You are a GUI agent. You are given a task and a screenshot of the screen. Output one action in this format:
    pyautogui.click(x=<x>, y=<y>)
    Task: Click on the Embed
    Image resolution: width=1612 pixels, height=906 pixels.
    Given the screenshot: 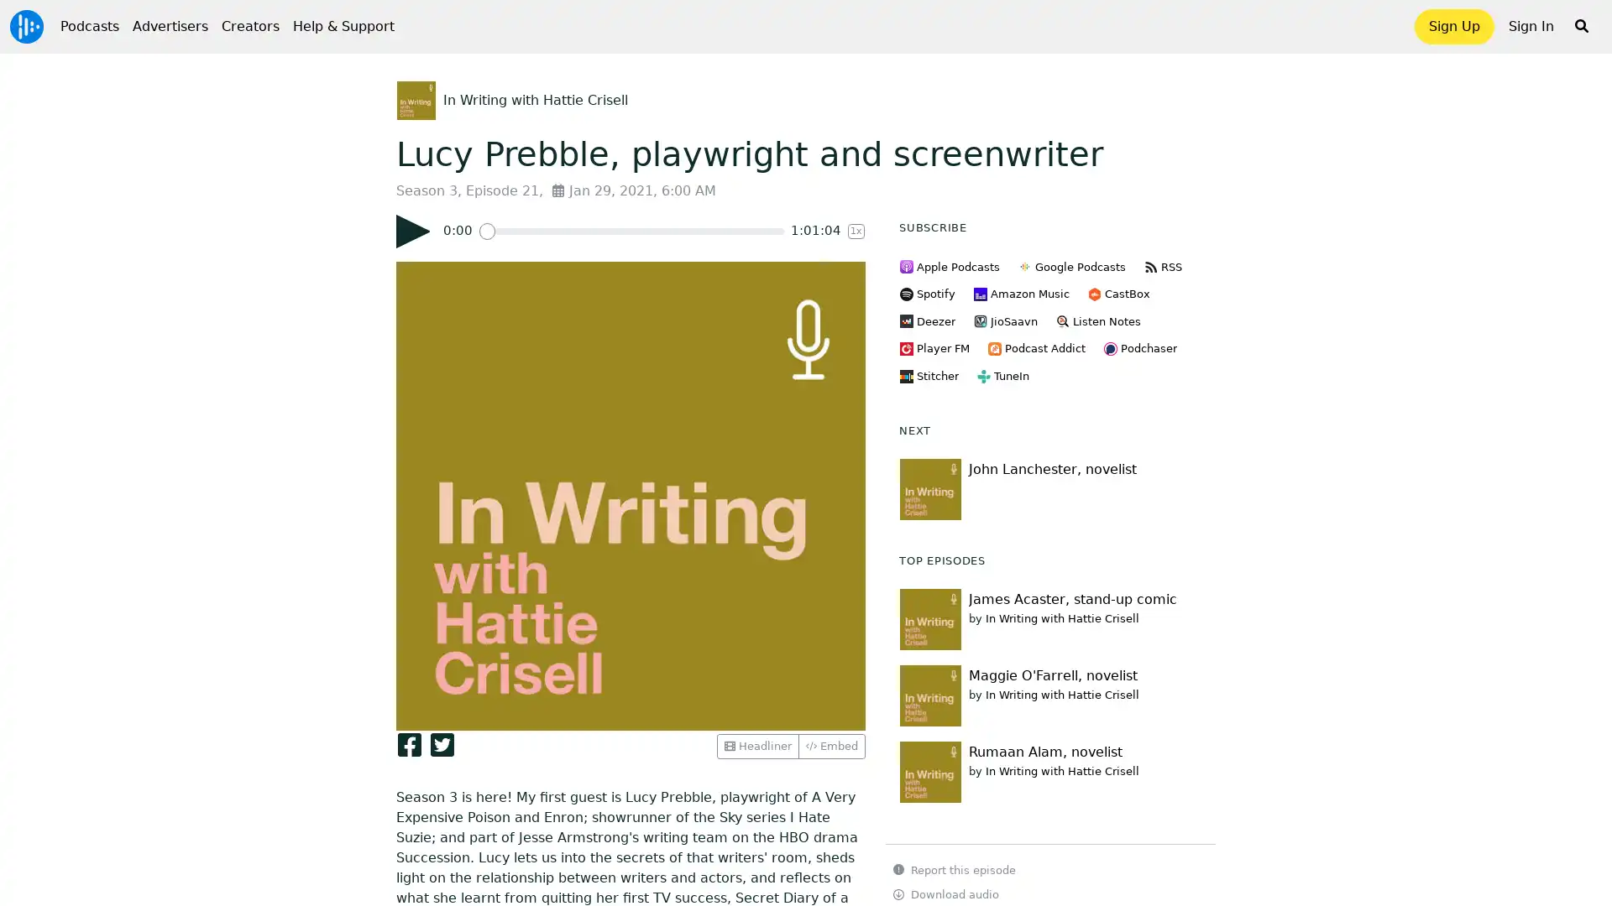 What is the action you would take?
    pyautogui.click(x=831, y=745)
    